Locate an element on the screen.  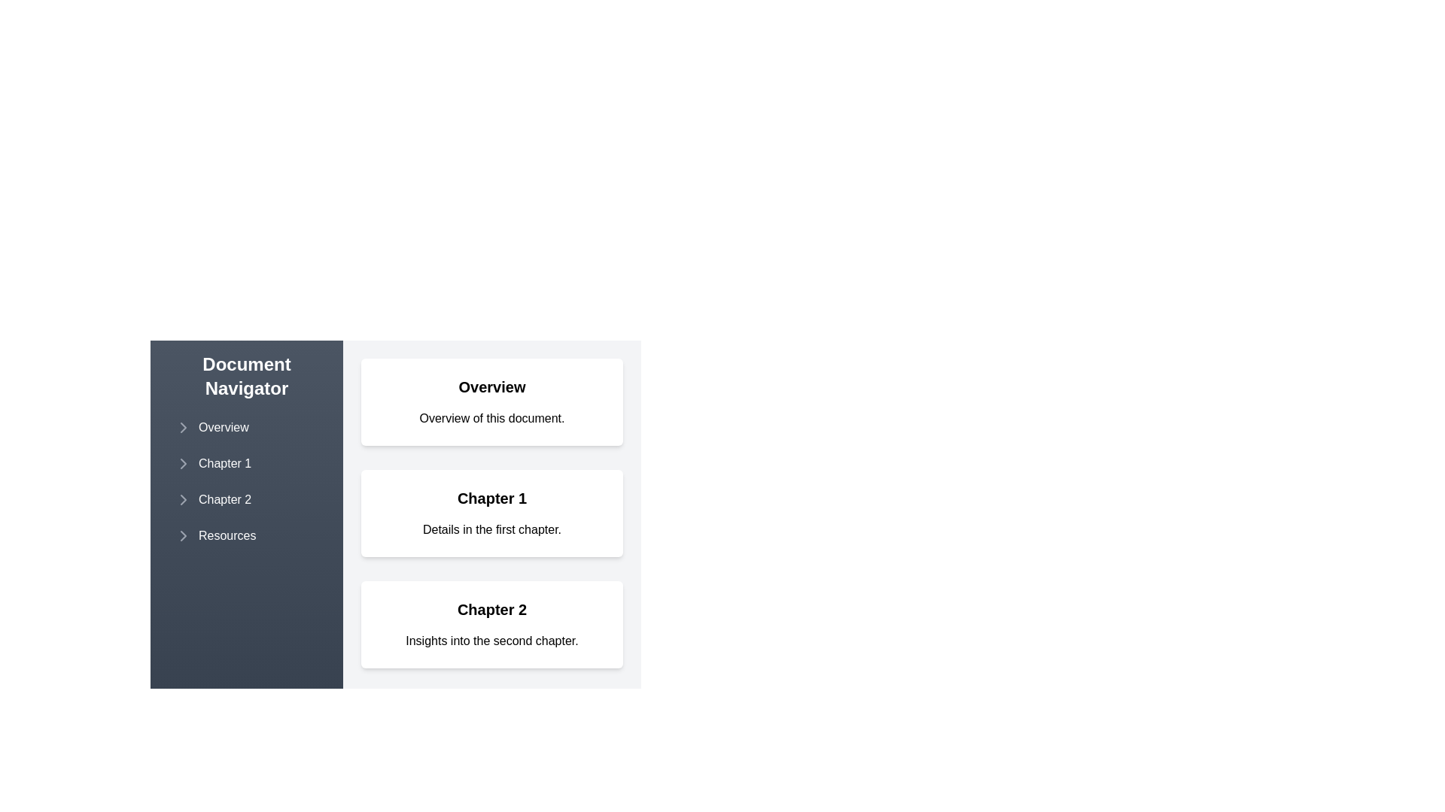
the informational card labeled 'Chapter 1' which contains the description 'Details in the first chapter.' is located at coordinates (396, 505).